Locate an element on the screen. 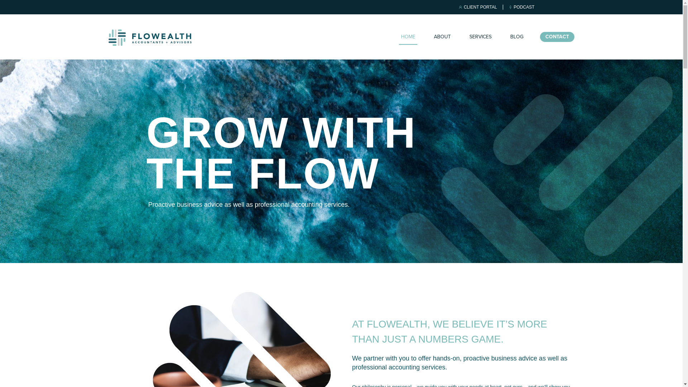  'HOME' is located at coordinates (407, 37).